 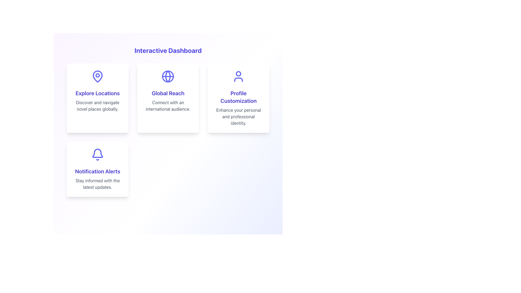 What do you see at coordinates (97, 98) in the screenshot?
I see `the first card component in the grid layout under the 'Interactive Dashboard' header, which serves as a descriptive card for exploring and navigating locations globally` at bounding box center [97, 98].